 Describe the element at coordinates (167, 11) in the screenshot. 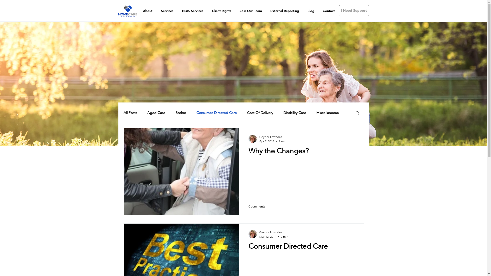

I see `'Services'` at that location.